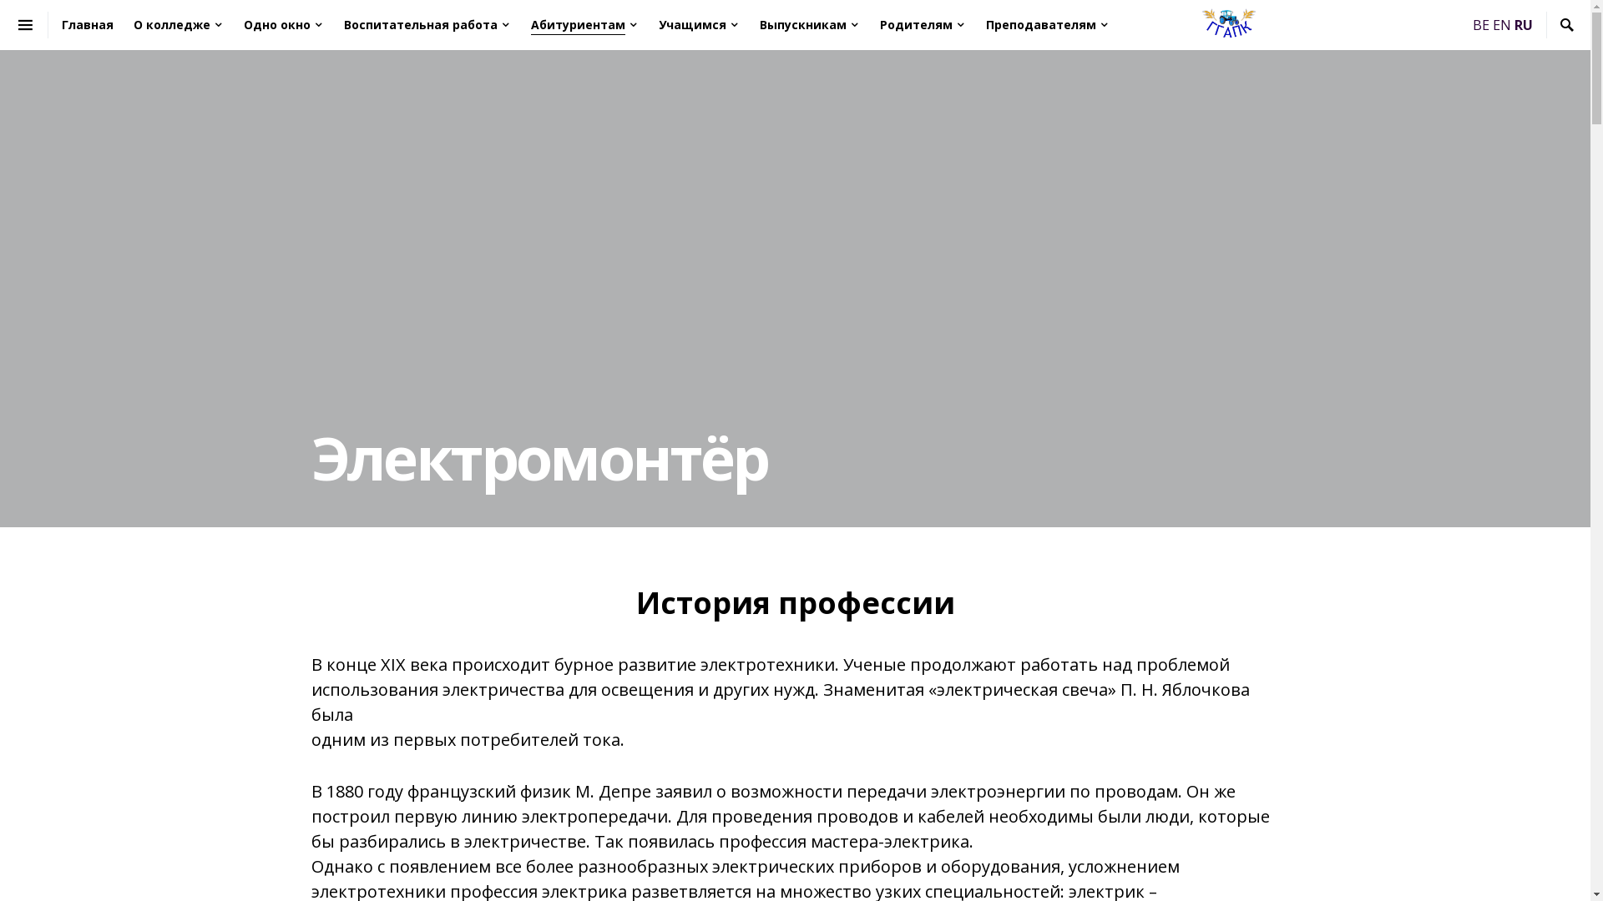  What do you see at coordinates (1493, 24) in the screenshot?
I see `'EN'` at bounding box center [1493, 24].